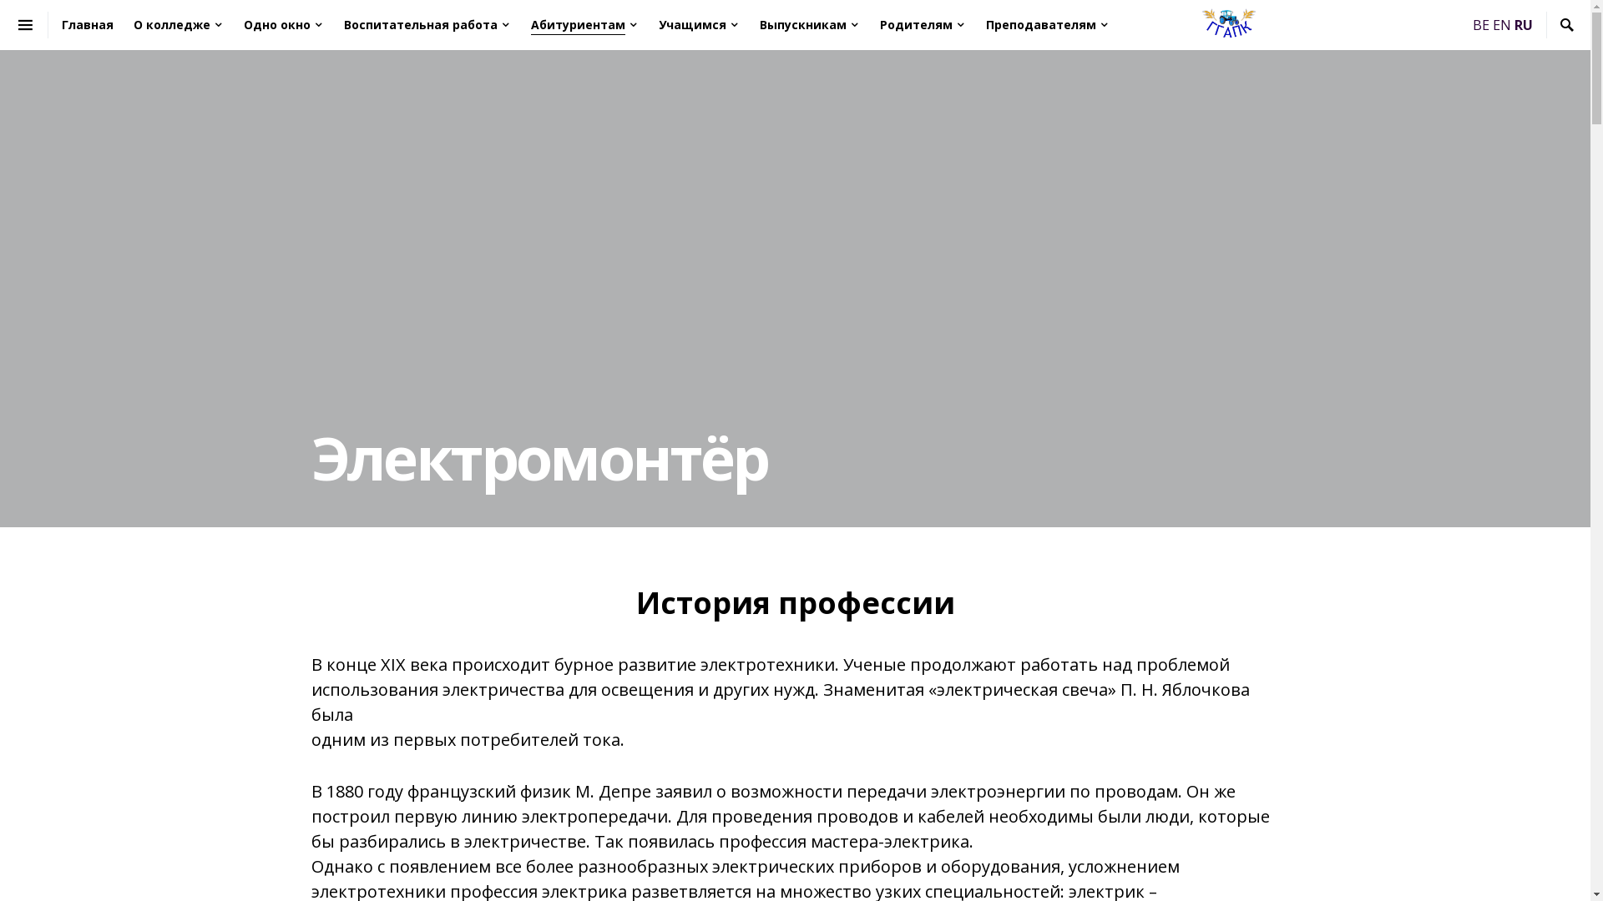  What do you see at coordinates (1493, 24) in the screenshot?
I see `'EN'` at bounding box center [1493, 24].